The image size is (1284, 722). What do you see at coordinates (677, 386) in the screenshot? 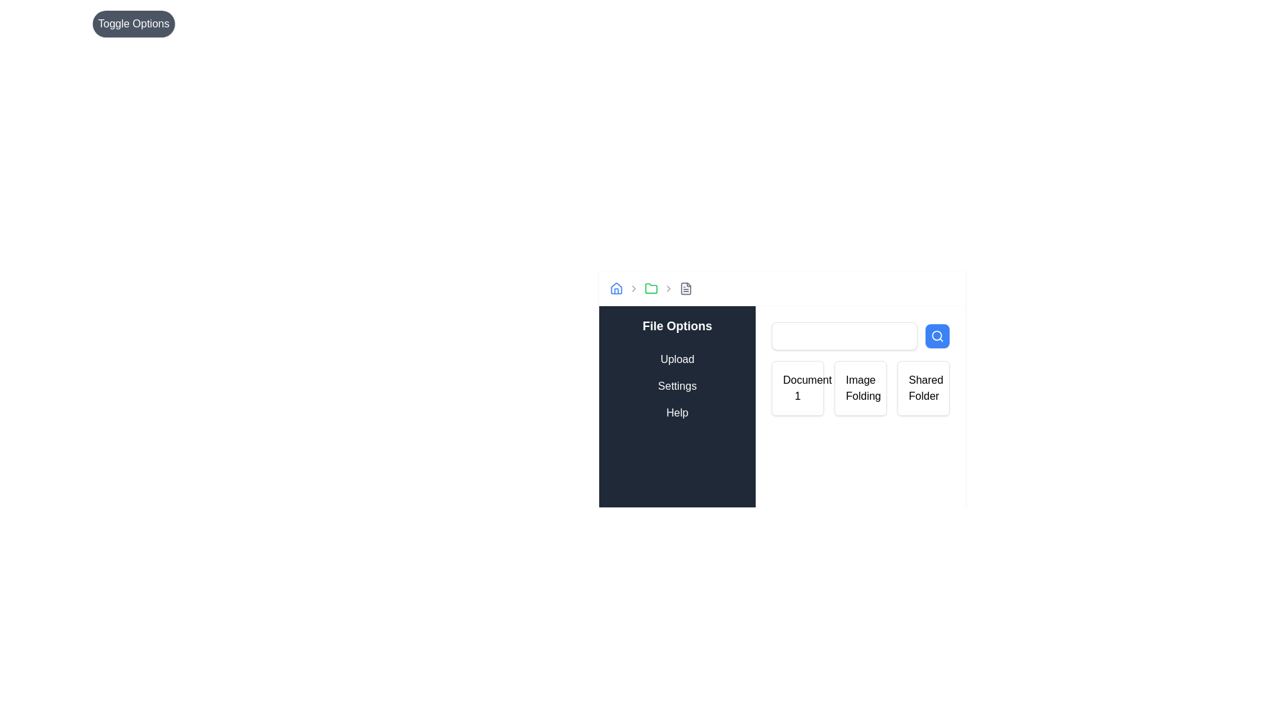
I see `the 'Settings' text label, which is styled with white text on a dark blue background and is the second label in a vertical stack labeled 'File Options'` at bounding box center [677, 386].